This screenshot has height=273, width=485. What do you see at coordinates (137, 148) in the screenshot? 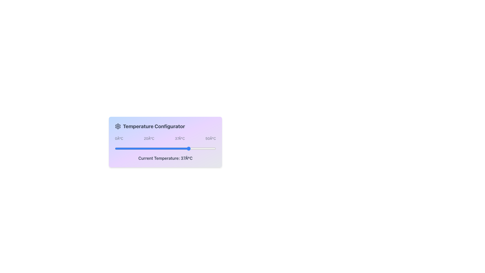
I see `the temperature` at bounding box center [137, 148].